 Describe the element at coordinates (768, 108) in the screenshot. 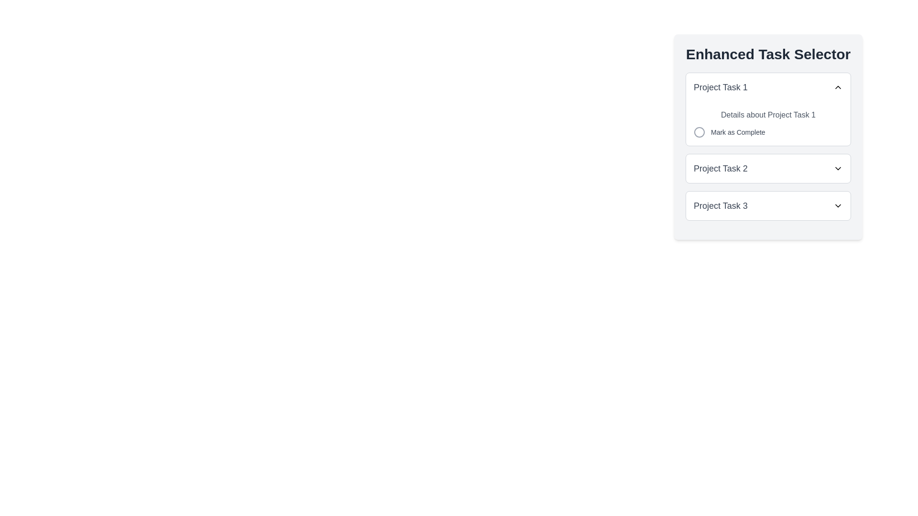

I see `details provided for the task in the first collapsible card titled 'Project Task 1', located below 'Enhanced Task Selector'` at that location.